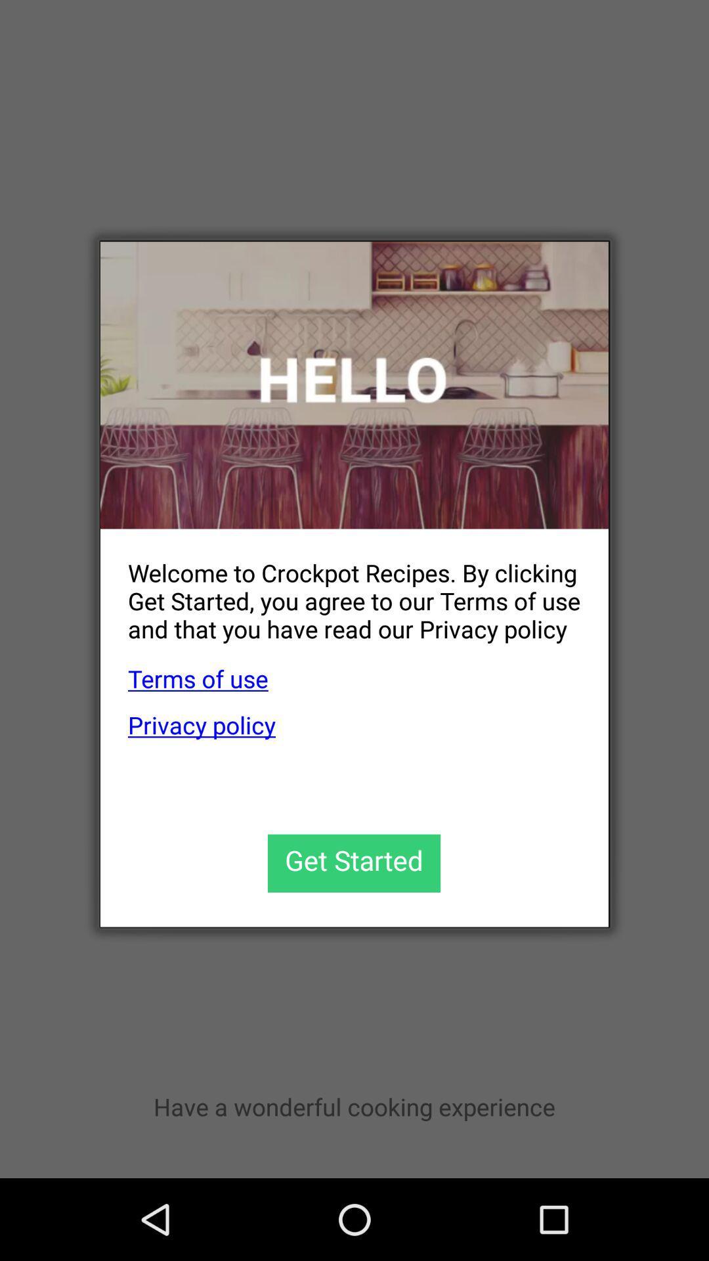 The width and height of the screenshot is (709, 1261). What do you see at coordinates (354, 384) in the screenshot?
I see `the app above welcome to crockpot item` at bounding box center [354, 384].